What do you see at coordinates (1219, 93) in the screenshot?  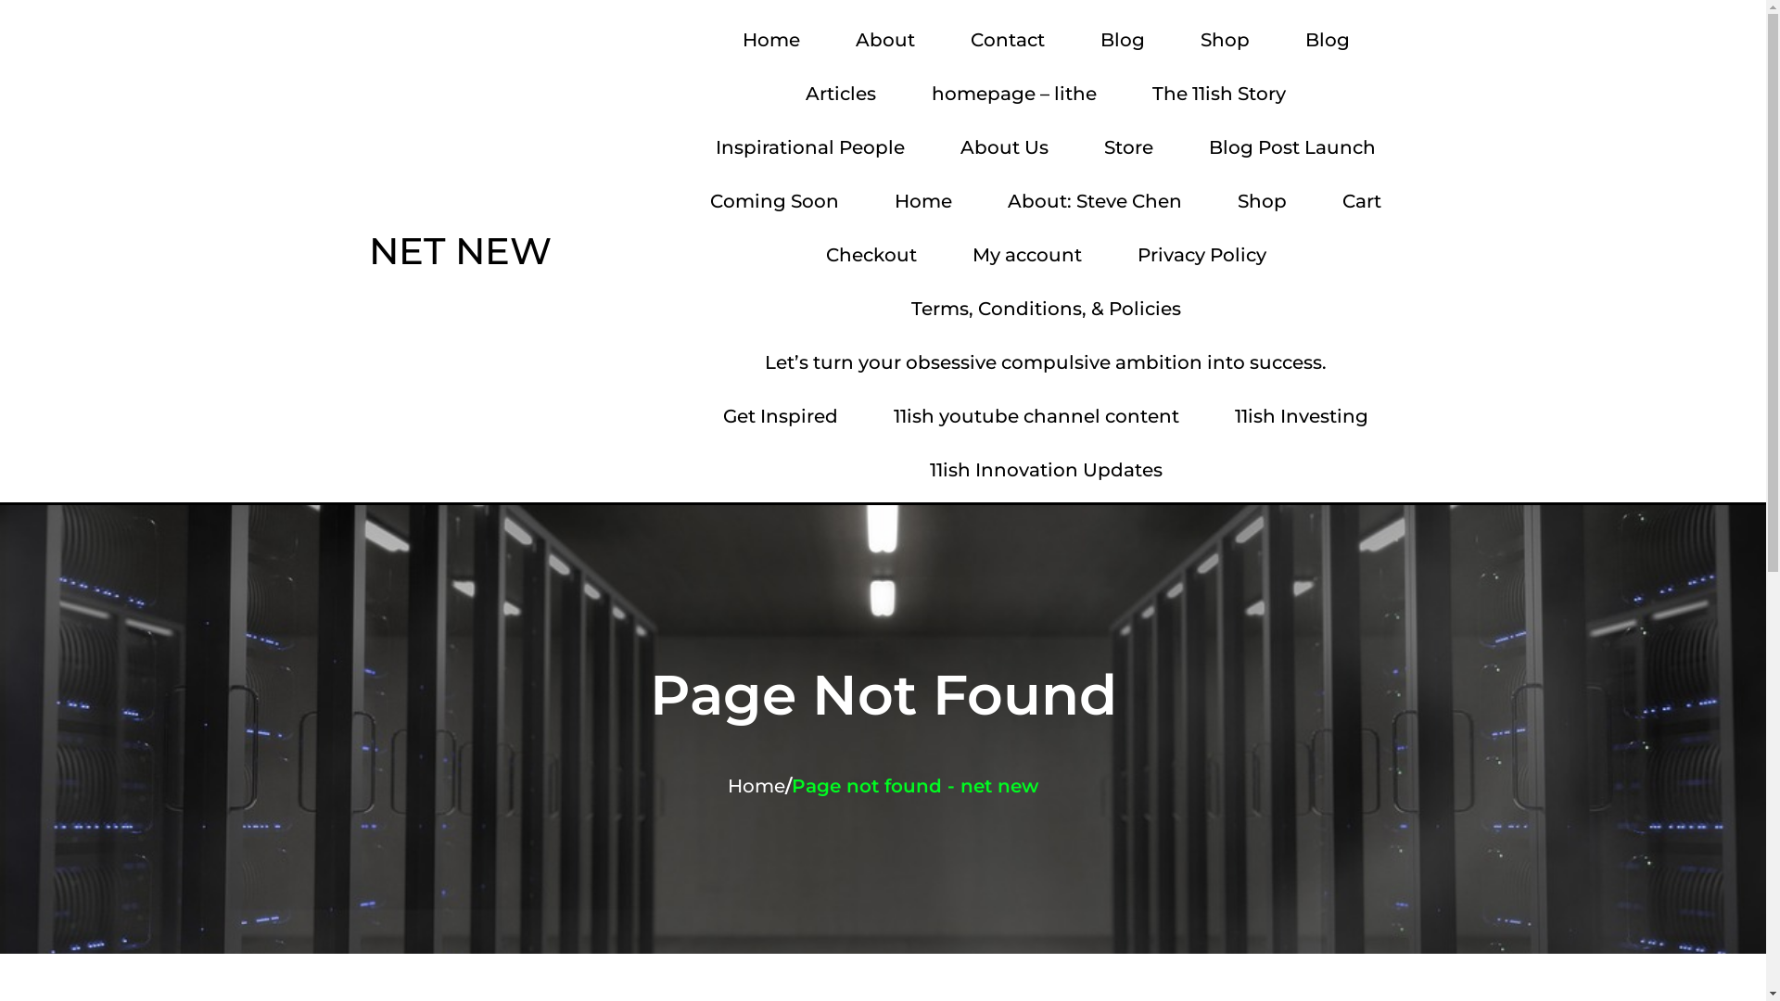 I see `'The 11ish Story'` at bounding box center [1219, 93].